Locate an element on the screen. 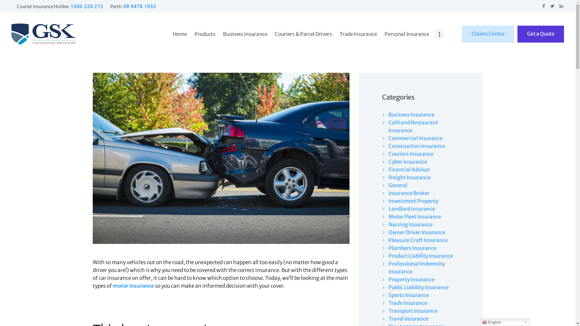 The height and width of the screenshot is (326, 580). 'Investment Property' is located at coordinates (388, 201).